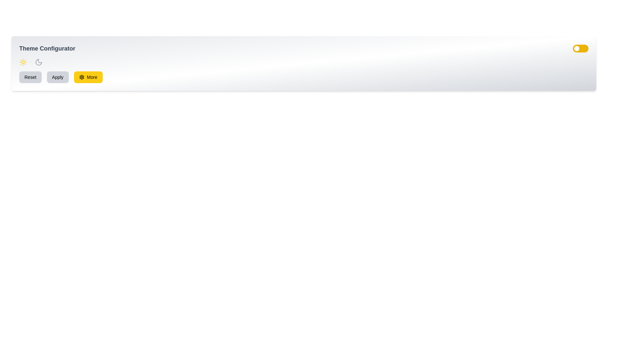 The height and width of the screenshot is (352, 626). I want to click on the toggle switch, so click(579, 48).